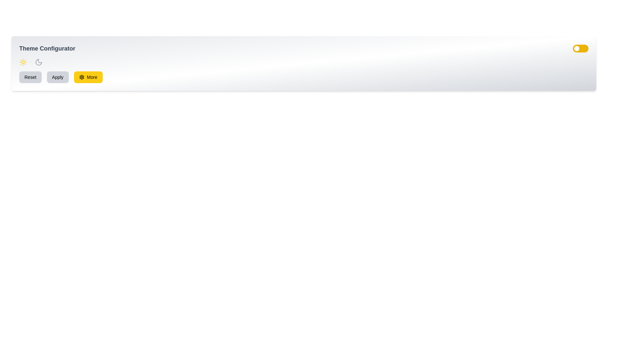 The height and width of the screenshot is (352, 626). I want to click on the toggle switch, so click(579, 48).